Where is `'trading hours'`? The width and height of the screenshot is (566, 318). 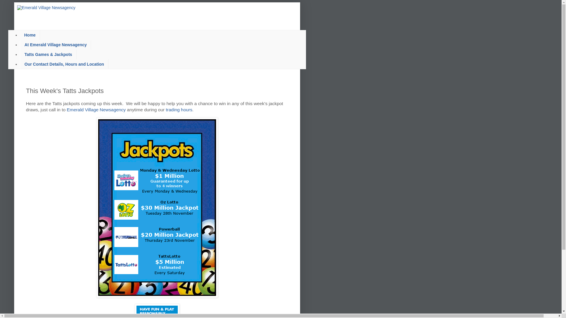
'trading hours' is located at coordinates (179, 110).